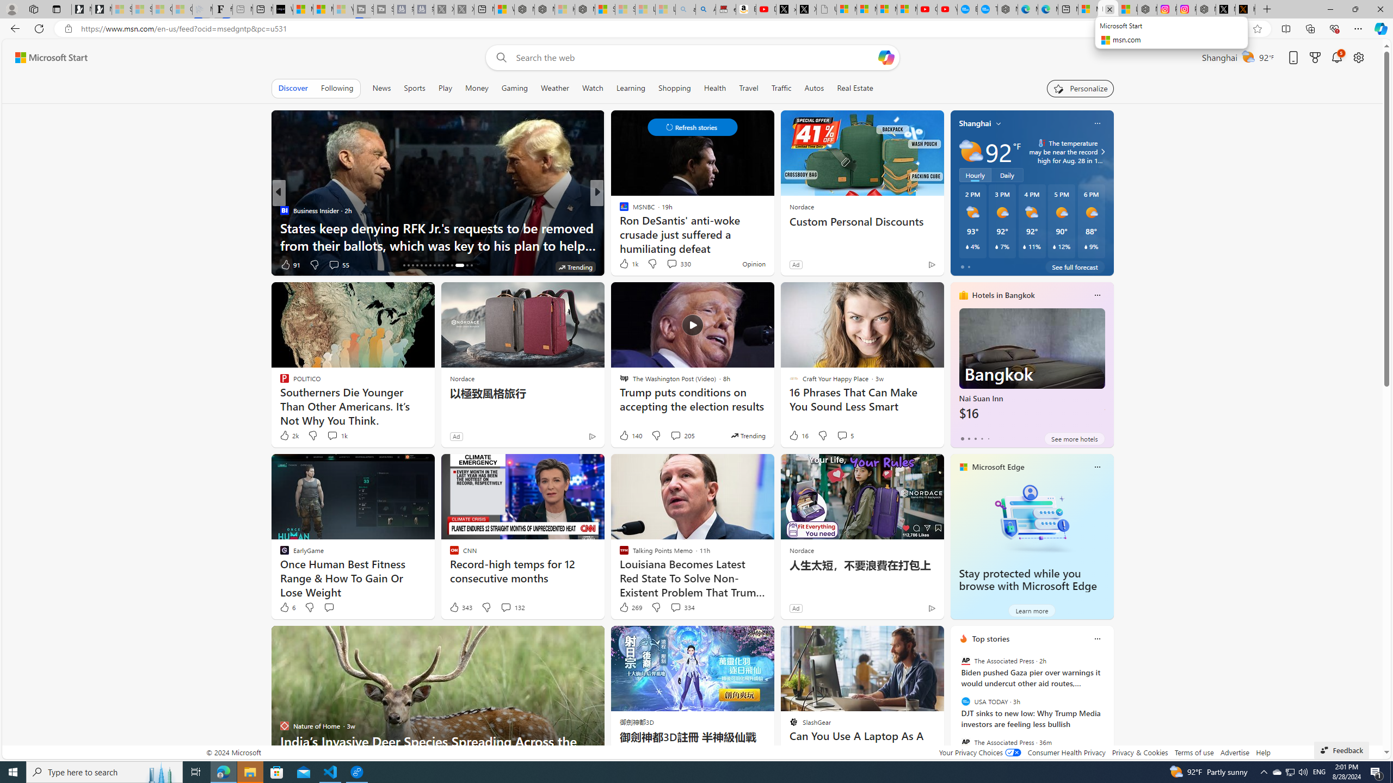 The height and width of the screenshot is (783, 1393). What do you see at coordinates (963, 295) in the screenshot?
I see `'hotels-header-icon'` at bounding box center [963, 295].